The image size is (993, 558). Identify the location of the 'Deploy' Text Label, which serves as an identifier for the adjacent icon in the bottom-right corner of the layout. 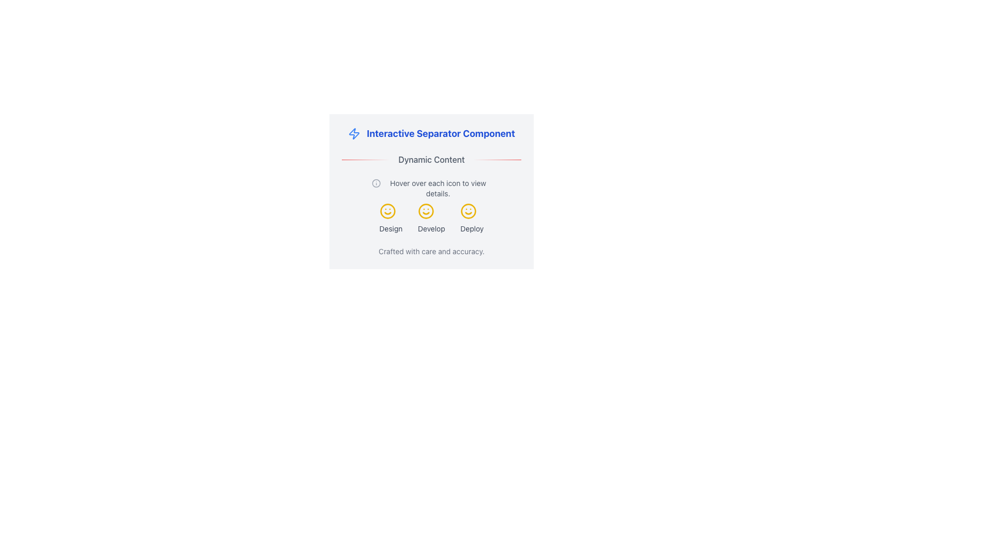
(471, 228).